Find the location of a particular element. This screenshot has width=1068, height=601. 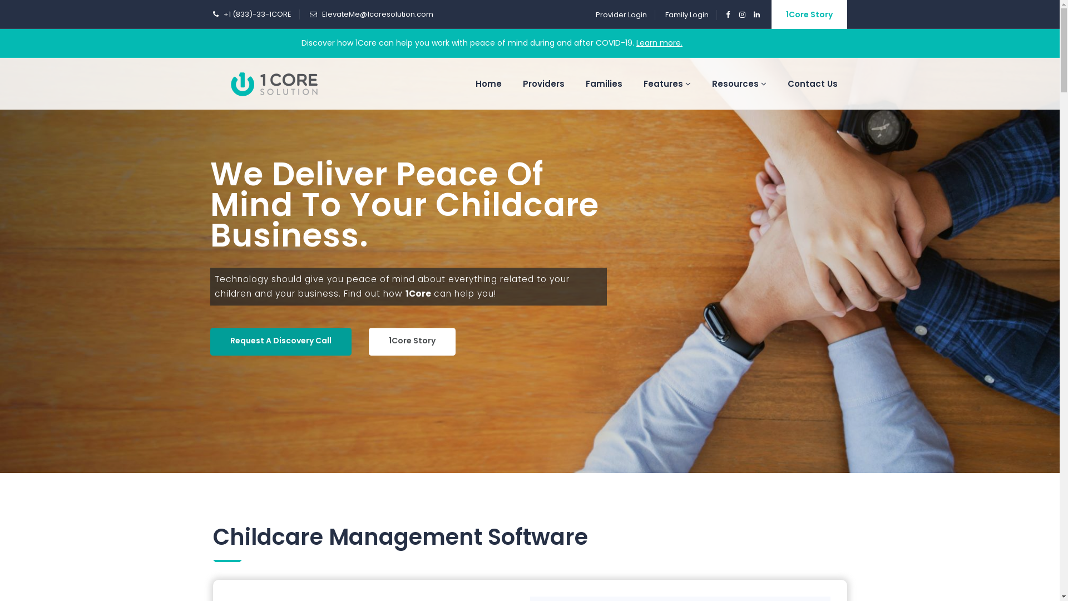

'Providers' is located at coordinates (543, 83).